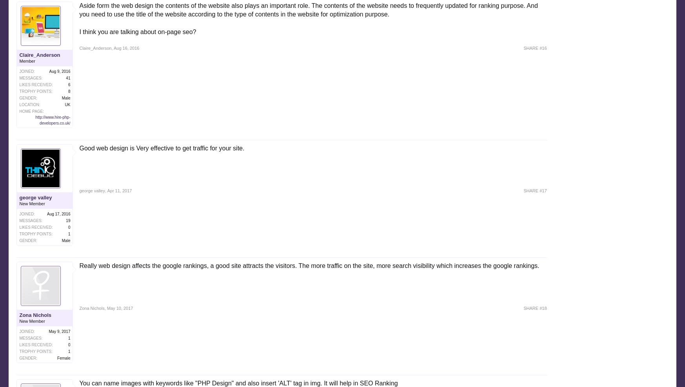 This screenshot has width=685, height=387. What do you see at coordinates (308, 9) in the screenshot?
I see `'Aside form the web design the contents of the website also plays an important role. The  contents of the website needs to frequently updated for ranking purpose. And you need to use the title of the website according to the type of contents in the website for optimization purpose.'` at bounding box center [308, 9].